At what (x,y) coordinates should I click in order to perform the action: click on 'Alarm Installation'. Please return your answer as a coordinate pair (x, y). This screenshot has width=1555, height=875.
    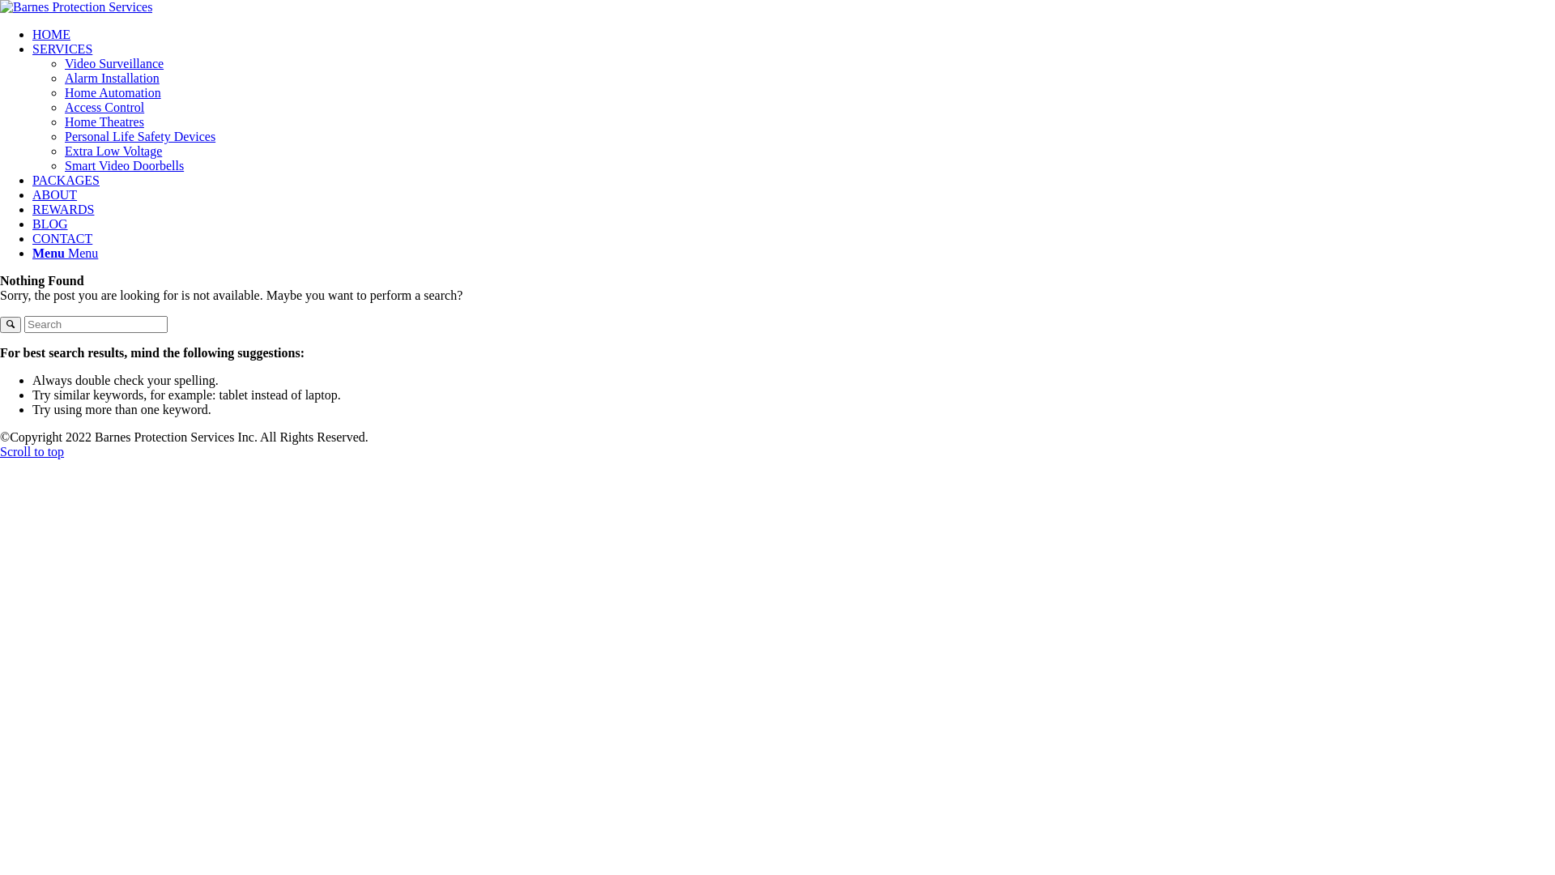
    Looking at the image, I should click on (65, 78).